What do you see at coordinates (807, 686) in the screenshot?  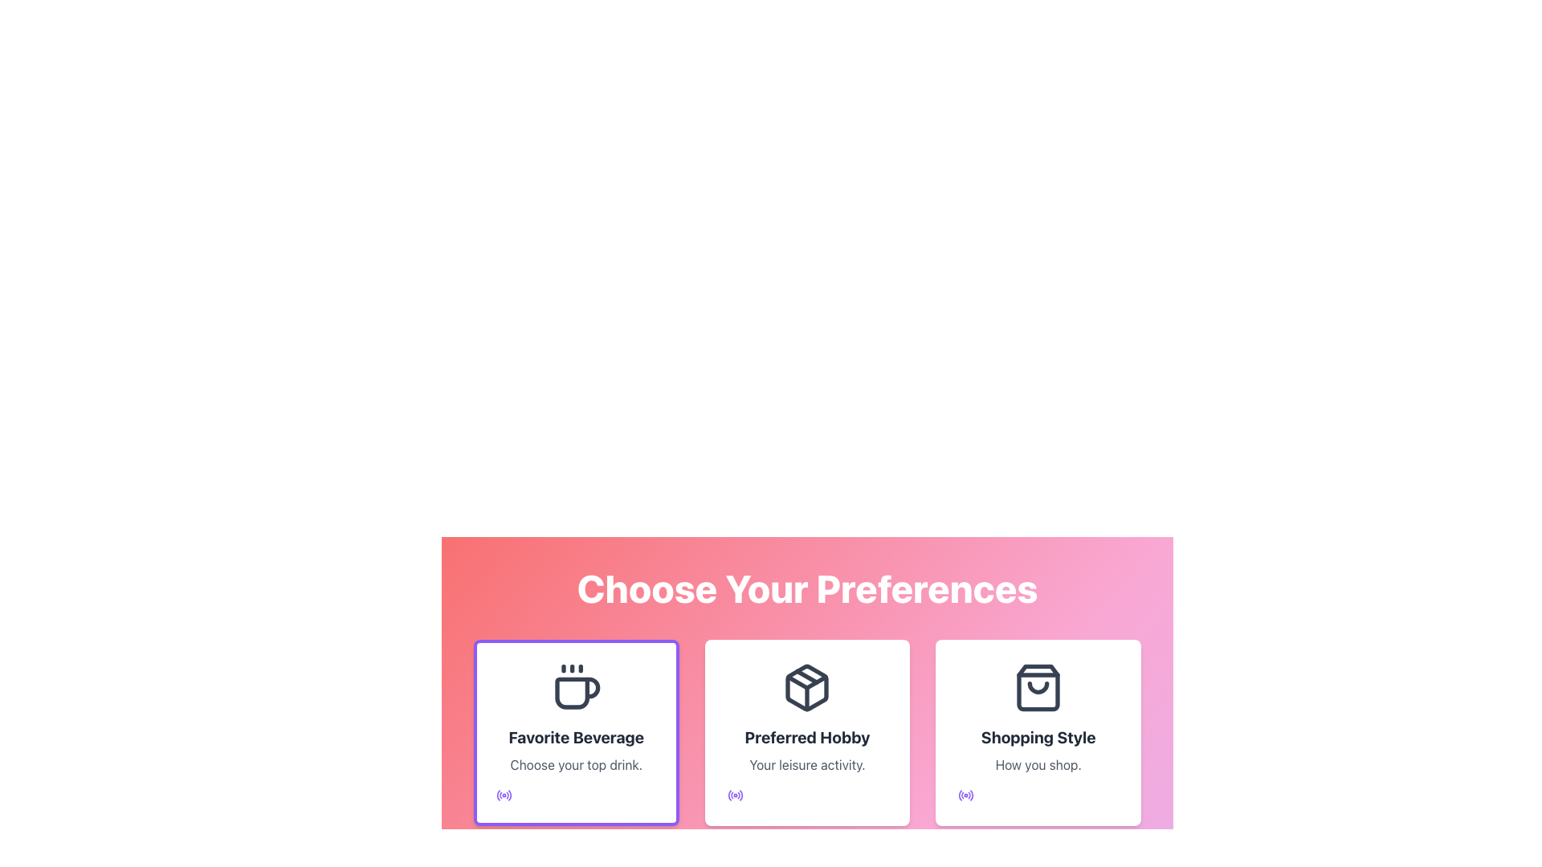 I see `the 'Preferred Hobby' icon` at bounding box center [807, 686].